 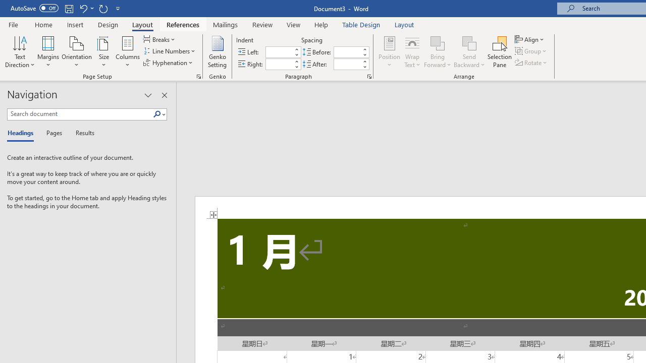 What do you see at coordinates (103, 8) in the screenshot?
I see `'Repeat Doc Close'` at bounding box center [103, 8].